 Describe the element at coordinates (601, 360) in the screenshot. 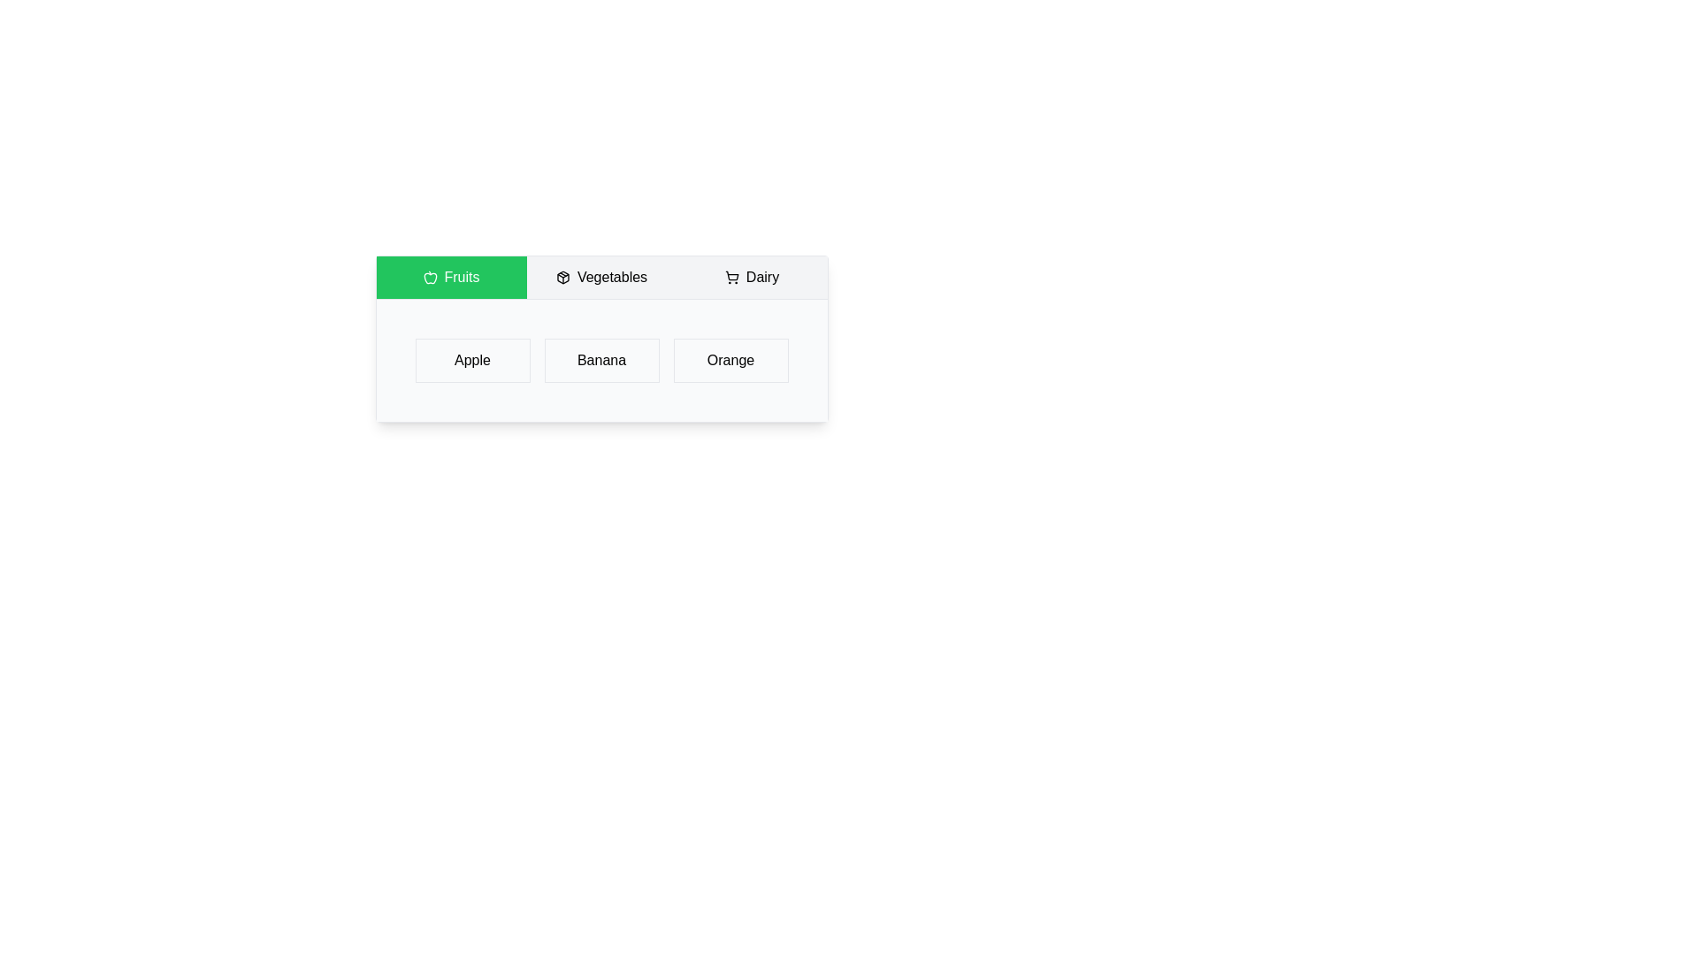

I see `the item Banana in the selected tab` at that location.